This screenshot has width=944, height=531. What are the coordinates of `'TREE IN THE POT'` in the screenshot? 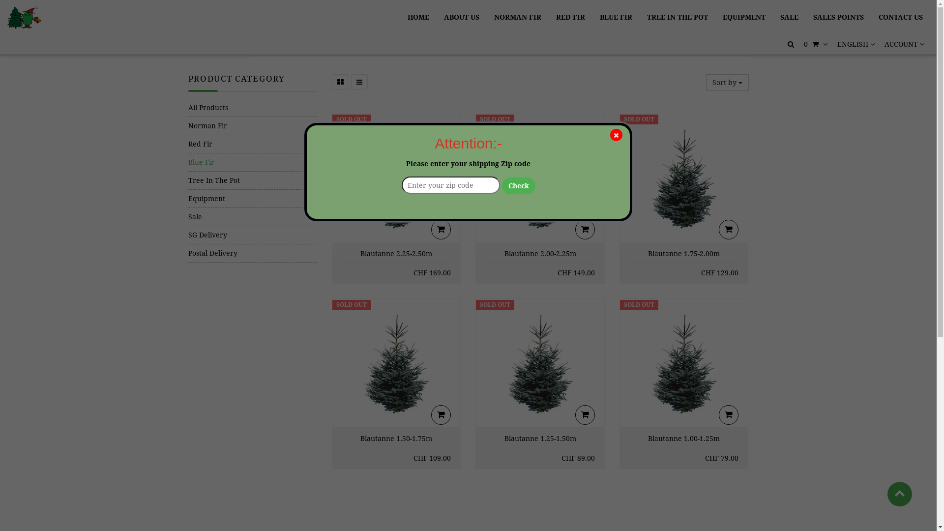 It's located at (640, 17).